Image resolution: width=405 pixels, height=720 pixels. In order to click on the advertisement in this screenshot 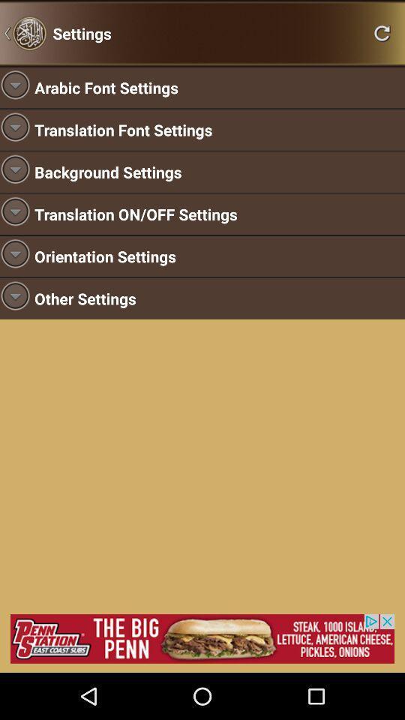, I will do `click(202, 637)`.